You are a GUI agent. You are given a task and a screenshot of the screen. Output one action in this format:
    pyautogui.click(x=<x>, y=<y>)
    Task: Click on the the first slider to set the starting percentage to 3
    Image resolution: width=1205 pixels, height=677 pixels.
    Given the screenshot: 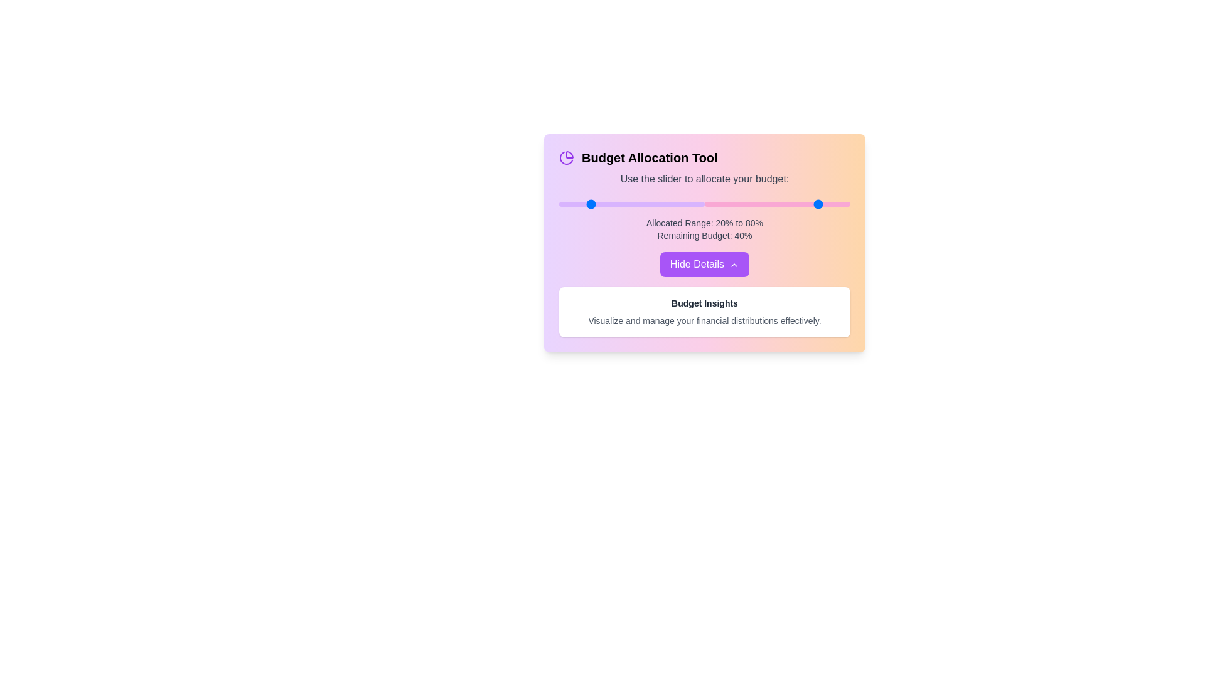 What is the action you would take?
    pyautogui.click(x=562, y=204)
    